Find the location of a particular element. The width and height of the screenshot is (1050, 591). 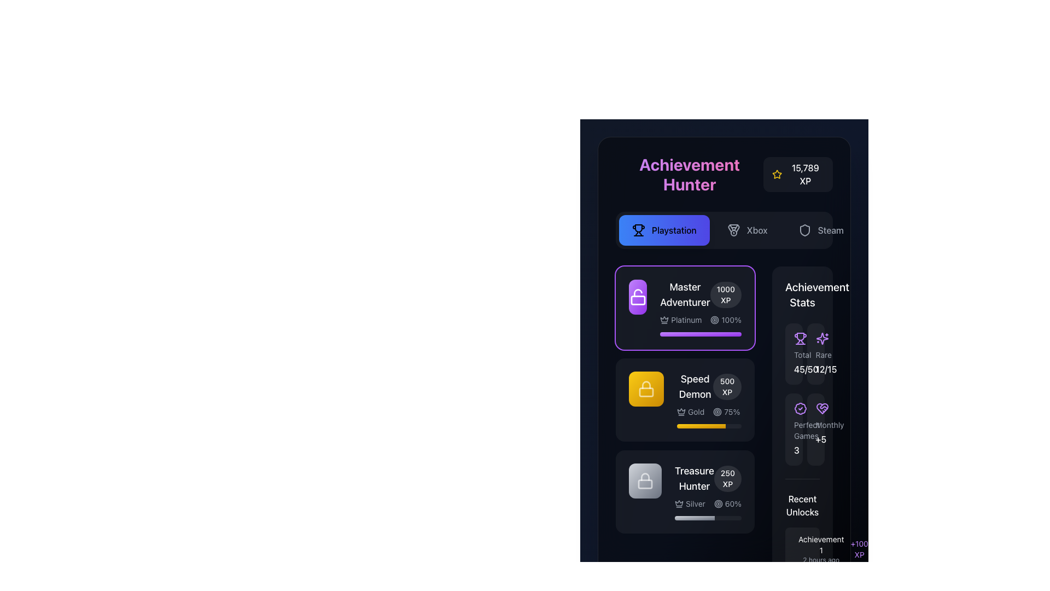

the 'Master Adventurer' achievement label is located at coordinates (701, 294).